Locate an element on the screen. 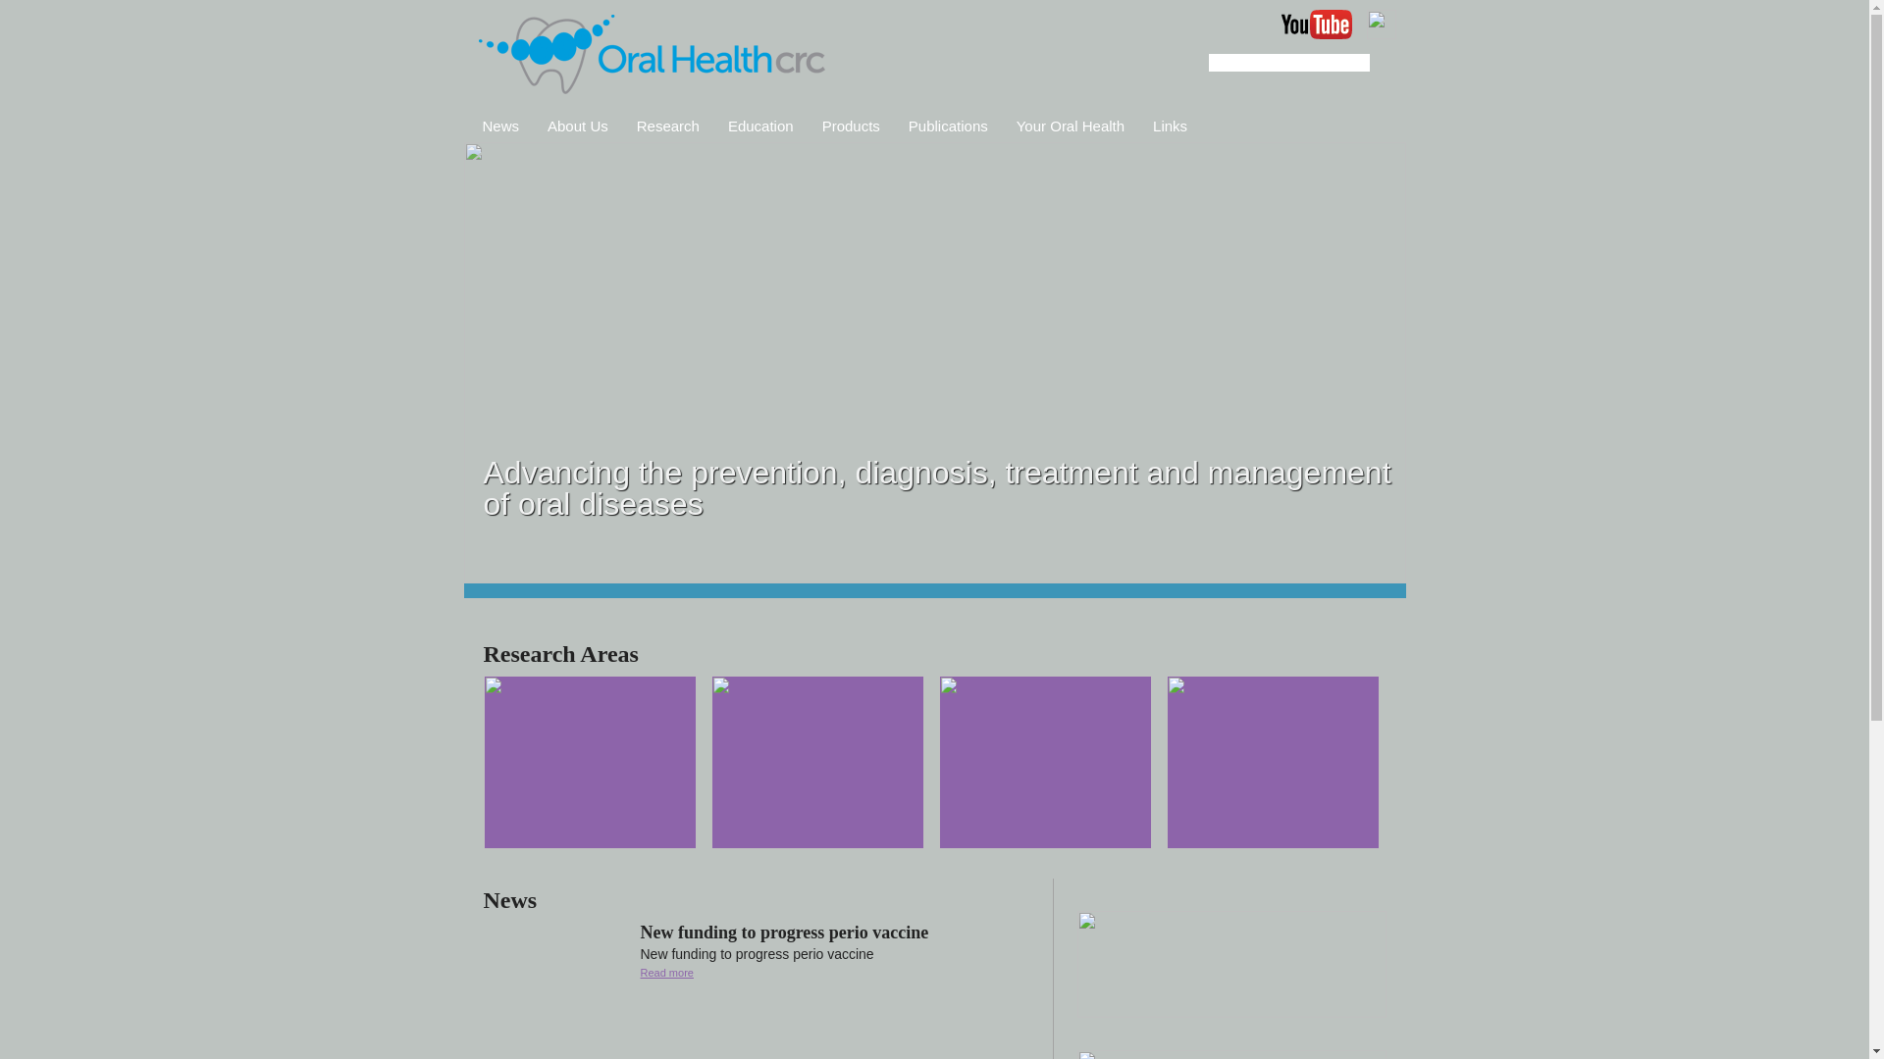 This screenshot has width=1884, height=1059. 'Research' is located at coordinates (668, 125).